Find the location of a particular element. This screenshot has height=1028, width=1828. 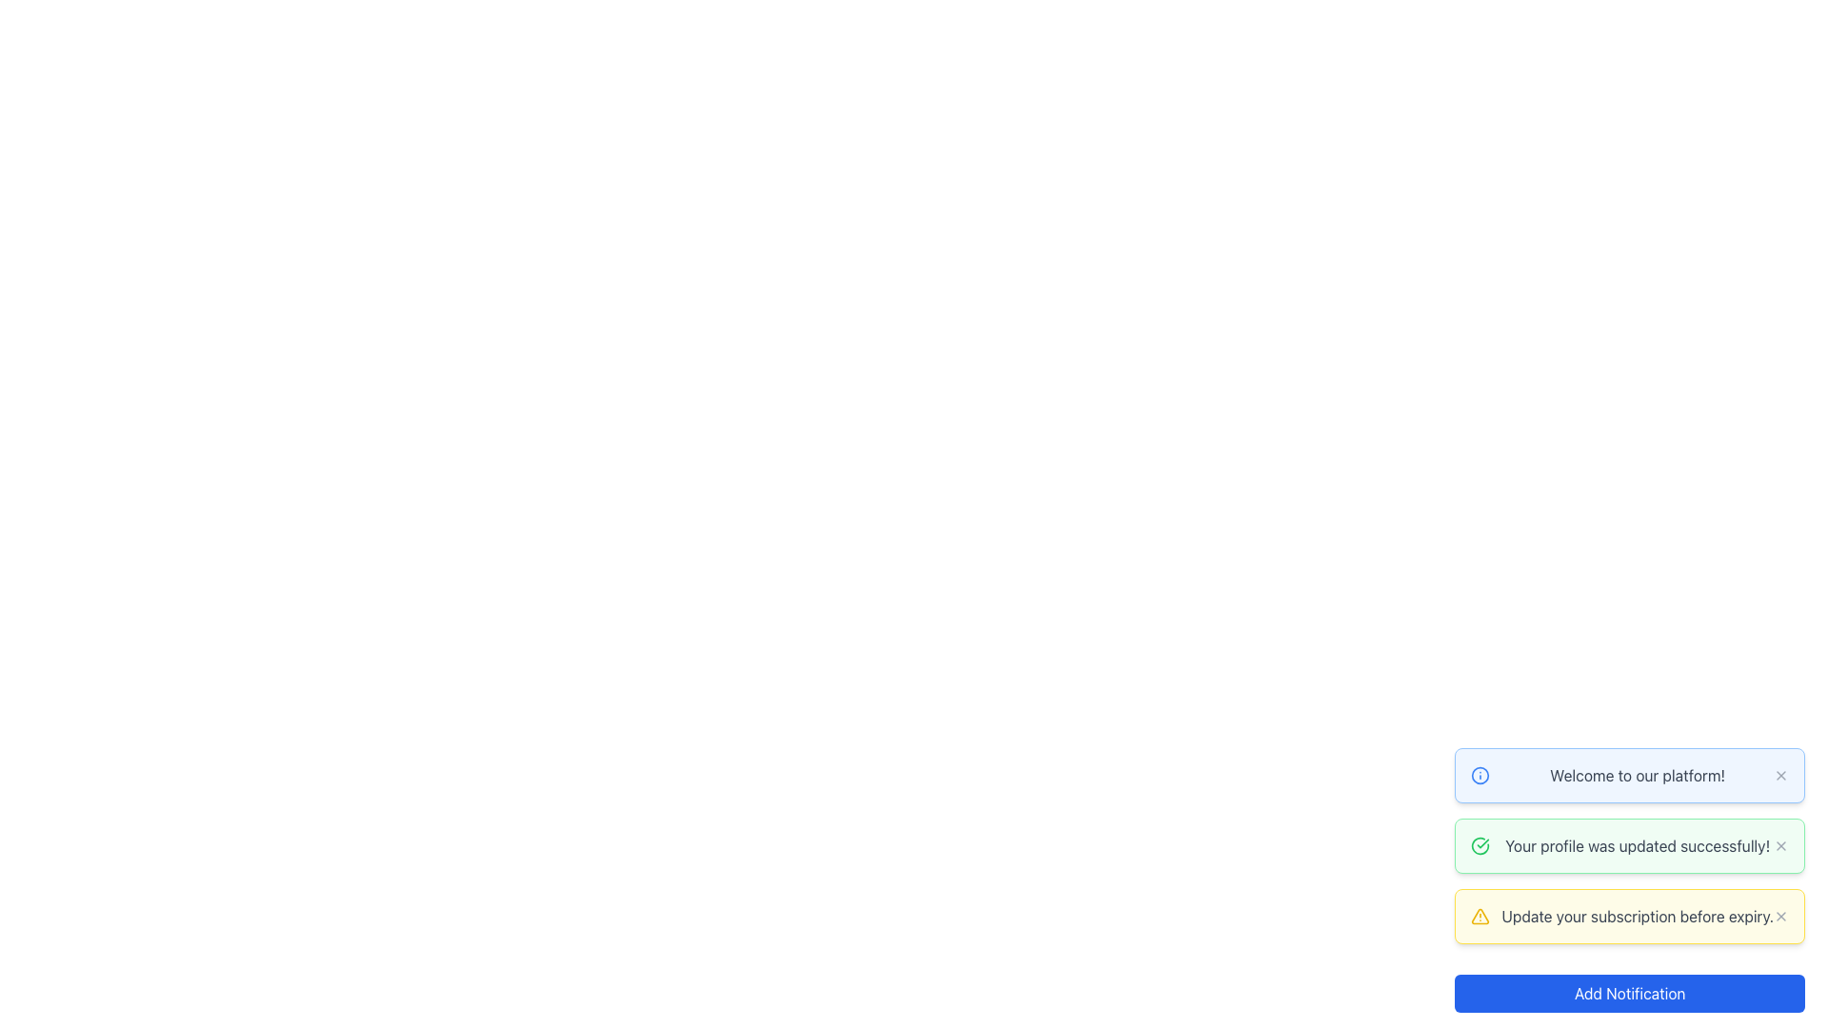

the circular icon with a blue outline located within the topmost notification card that contains the text 'Welcome to our platform!' is located at coordinates (1480, 775).